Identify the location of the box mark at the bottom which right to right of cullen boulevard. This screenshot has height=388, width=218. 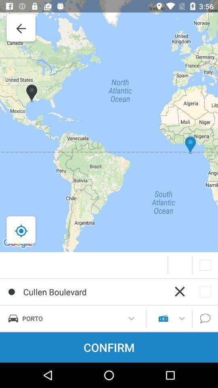
(205, 291).